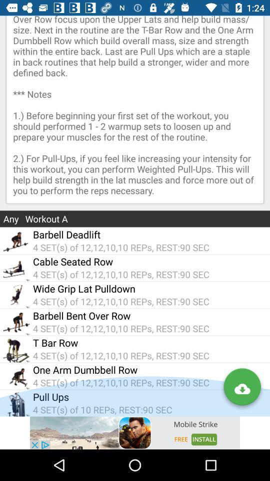  I want to click on download content, so click(241, 388).